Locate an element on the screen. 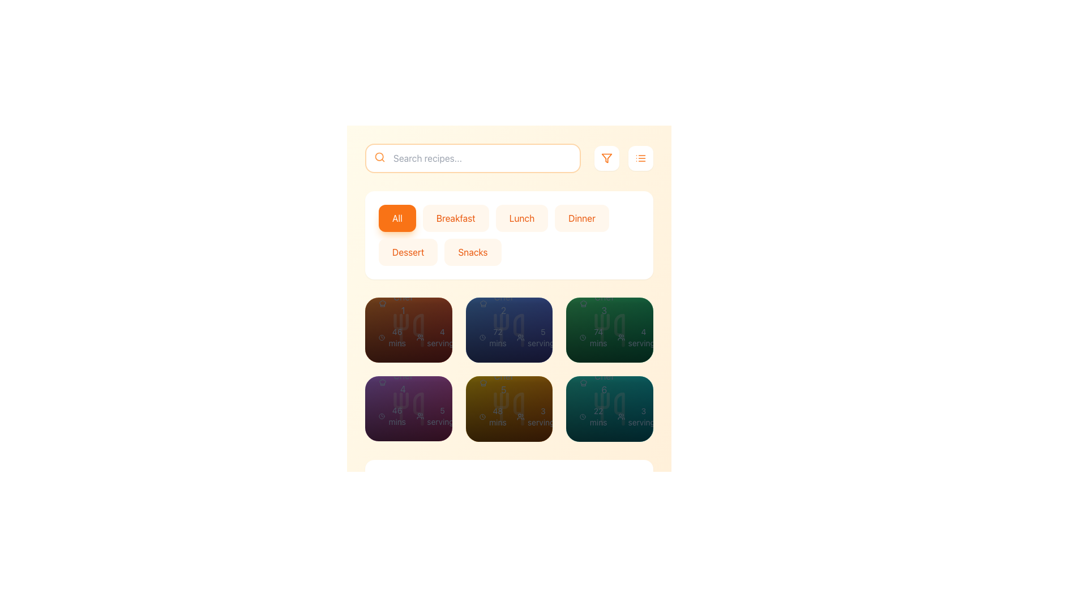 Image resolution: width=1087 pixels, height=611 pixels. the small modern line-art icon representing a group of users, located in the bottom right corner of the '4 servings' text label on the recipe card is located at coordinates (620, 337).